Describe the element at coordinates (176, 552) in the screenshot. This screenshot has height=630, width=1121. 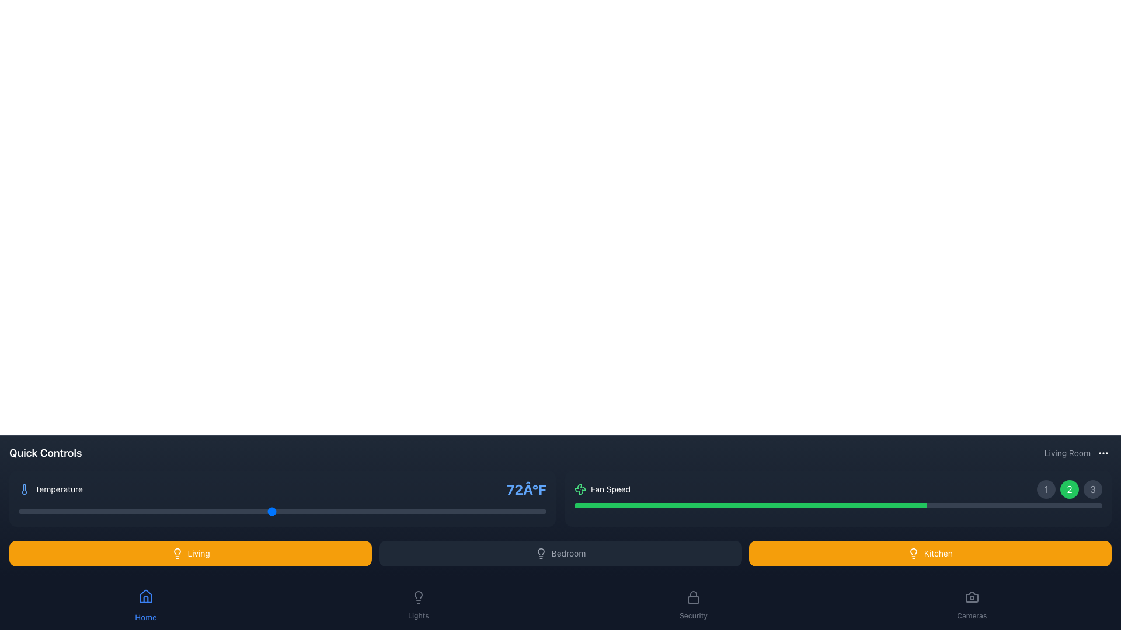
I see `the decorative lighting icon located to the left of the text 'living' within the orange rectangular area in the lower interface under the 'Quick Controls' section` at that location.